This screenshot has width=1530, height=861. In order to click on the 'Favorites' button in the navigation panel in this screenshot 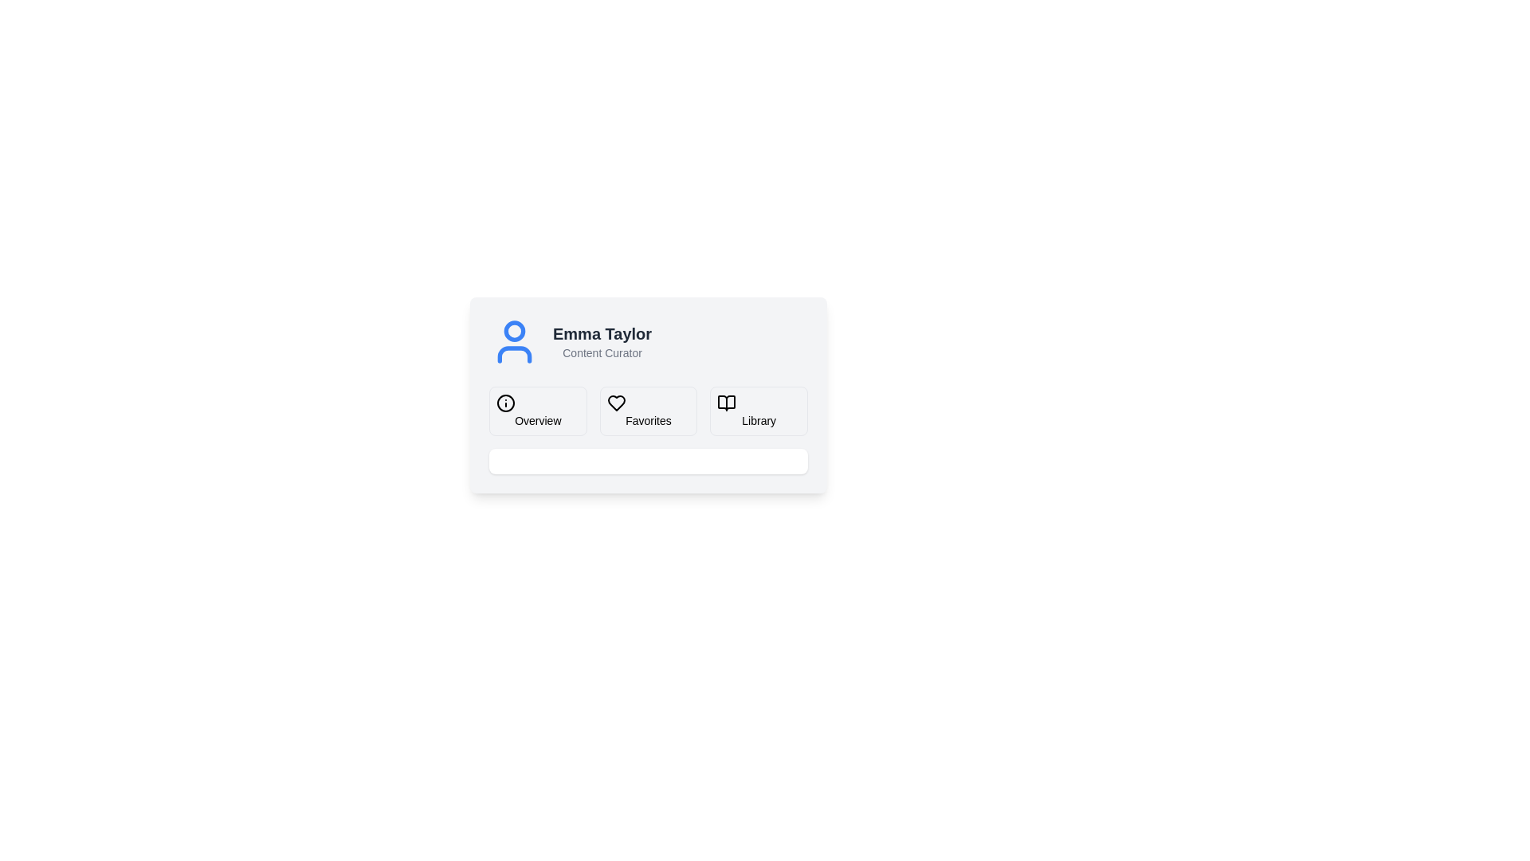, I will do `click(649, 411)`.